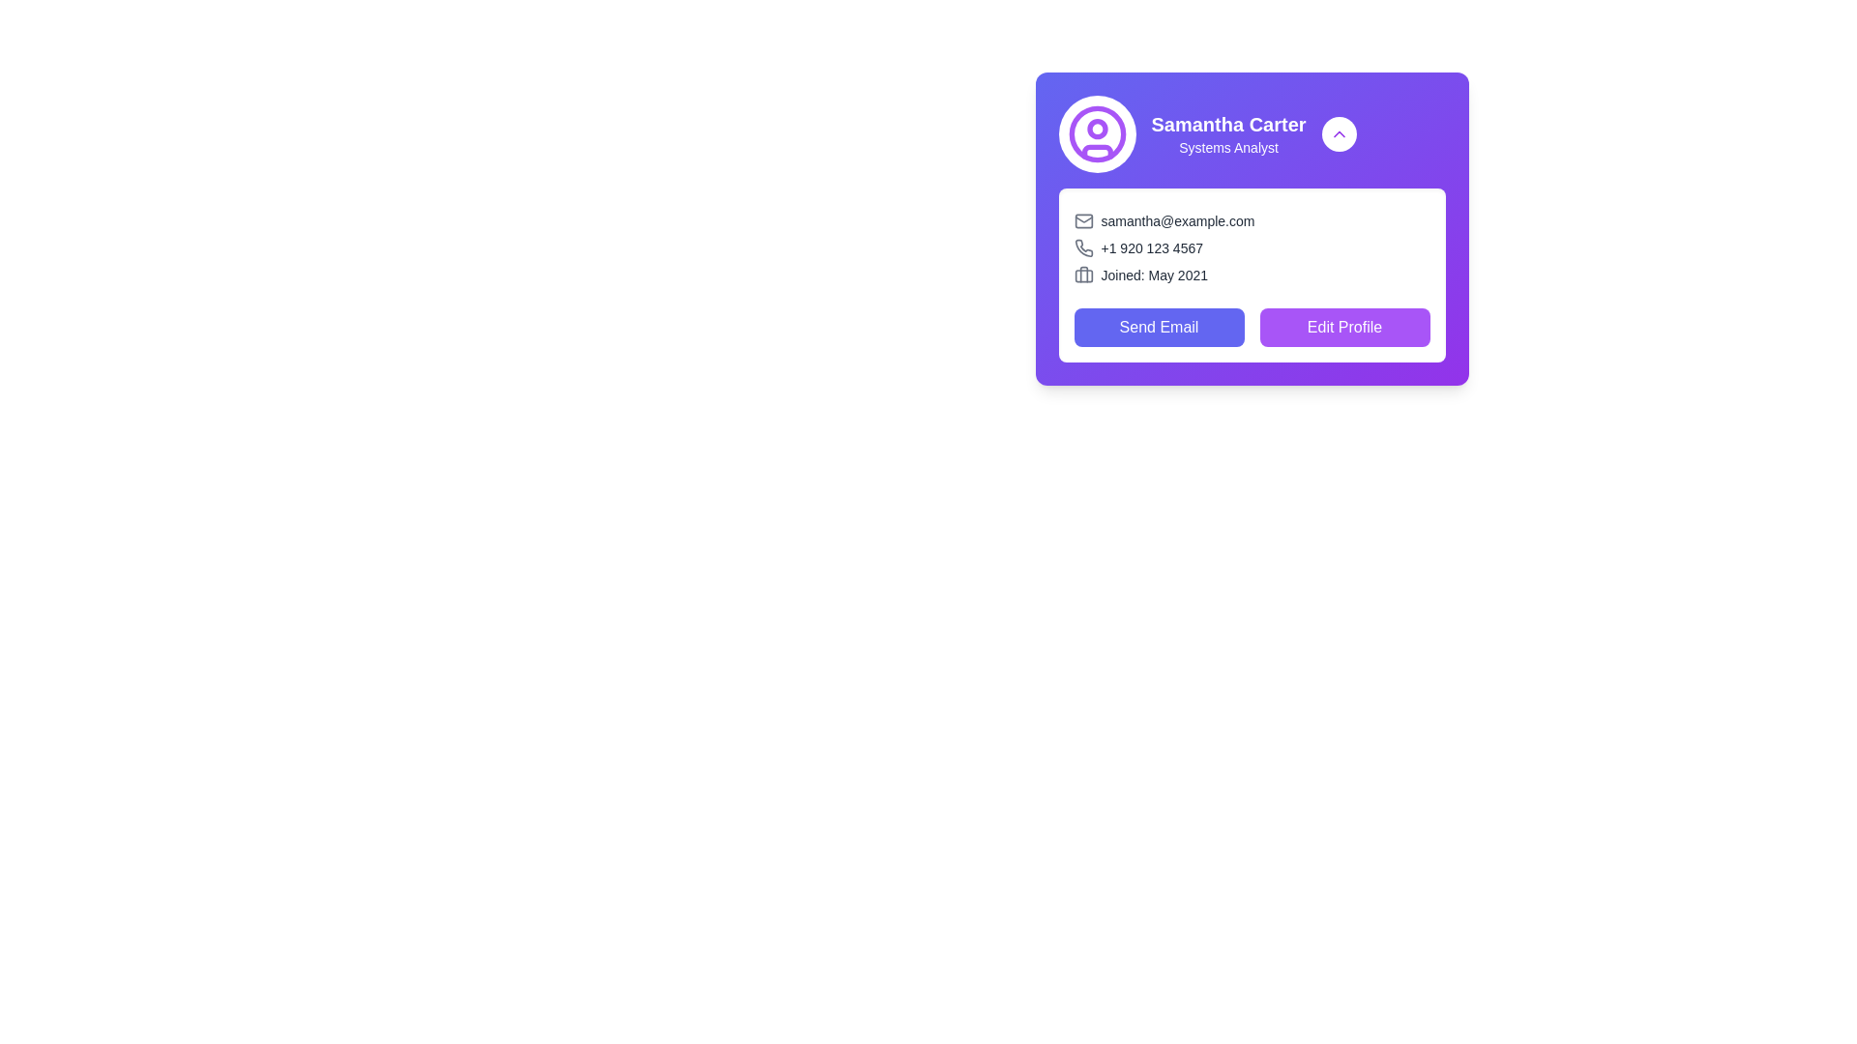  What do you see at coordinates (1097, 129) in the screenshot?
I see `the small circle graphic element located within the profile image at the top left of the card` at bounding box center [1097, 129].